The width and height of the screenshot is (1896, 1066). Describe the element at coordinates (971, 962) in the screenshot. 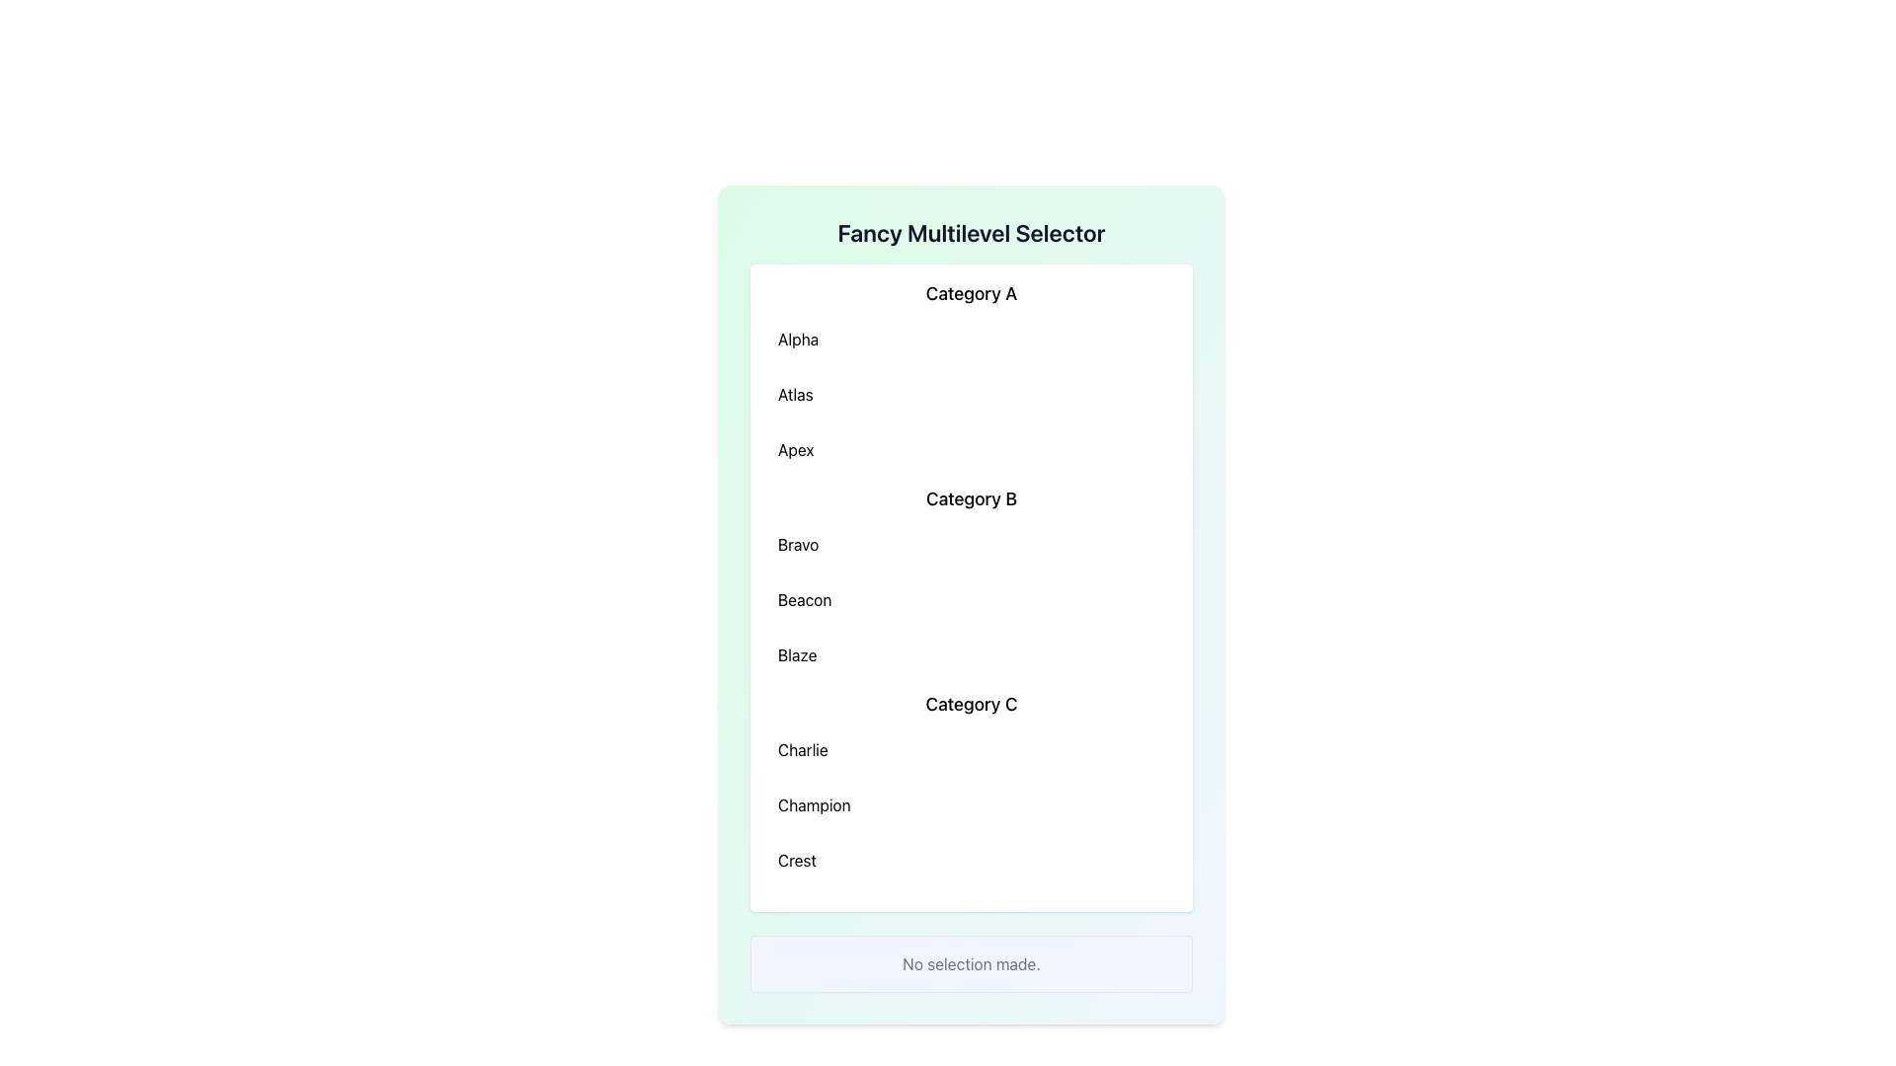

I see `the text label displaying 'No selection made.' which is styled with a gray font, located at the bottom section of a light blue component, centered horizontally` at that location.